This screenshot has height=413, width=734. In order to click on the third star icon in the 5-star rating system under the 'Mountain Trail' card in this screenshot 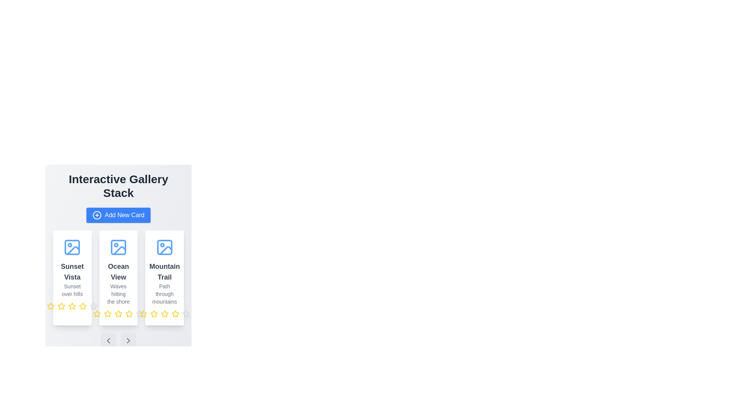, I will do `click(153, 314)`.